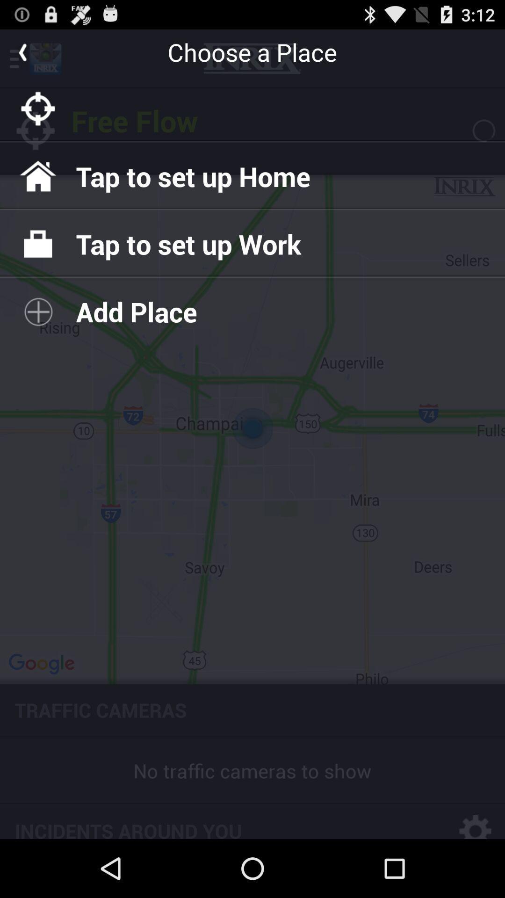 The width and height of the screenshot is (505, 898). What do you see at coordinates (22, 51) in the screenshot?
I see `go back` at bounding box center [22, 51].